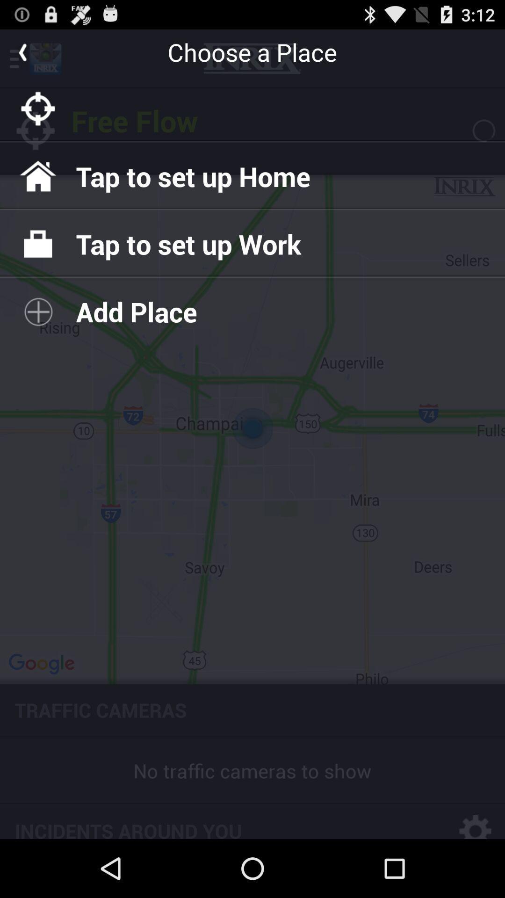 The width and height of the screenshot is (505, 898). What do you see at coordinates (22, 51) in the screenshot?
I see `go back` at bounding box center [22, 51].